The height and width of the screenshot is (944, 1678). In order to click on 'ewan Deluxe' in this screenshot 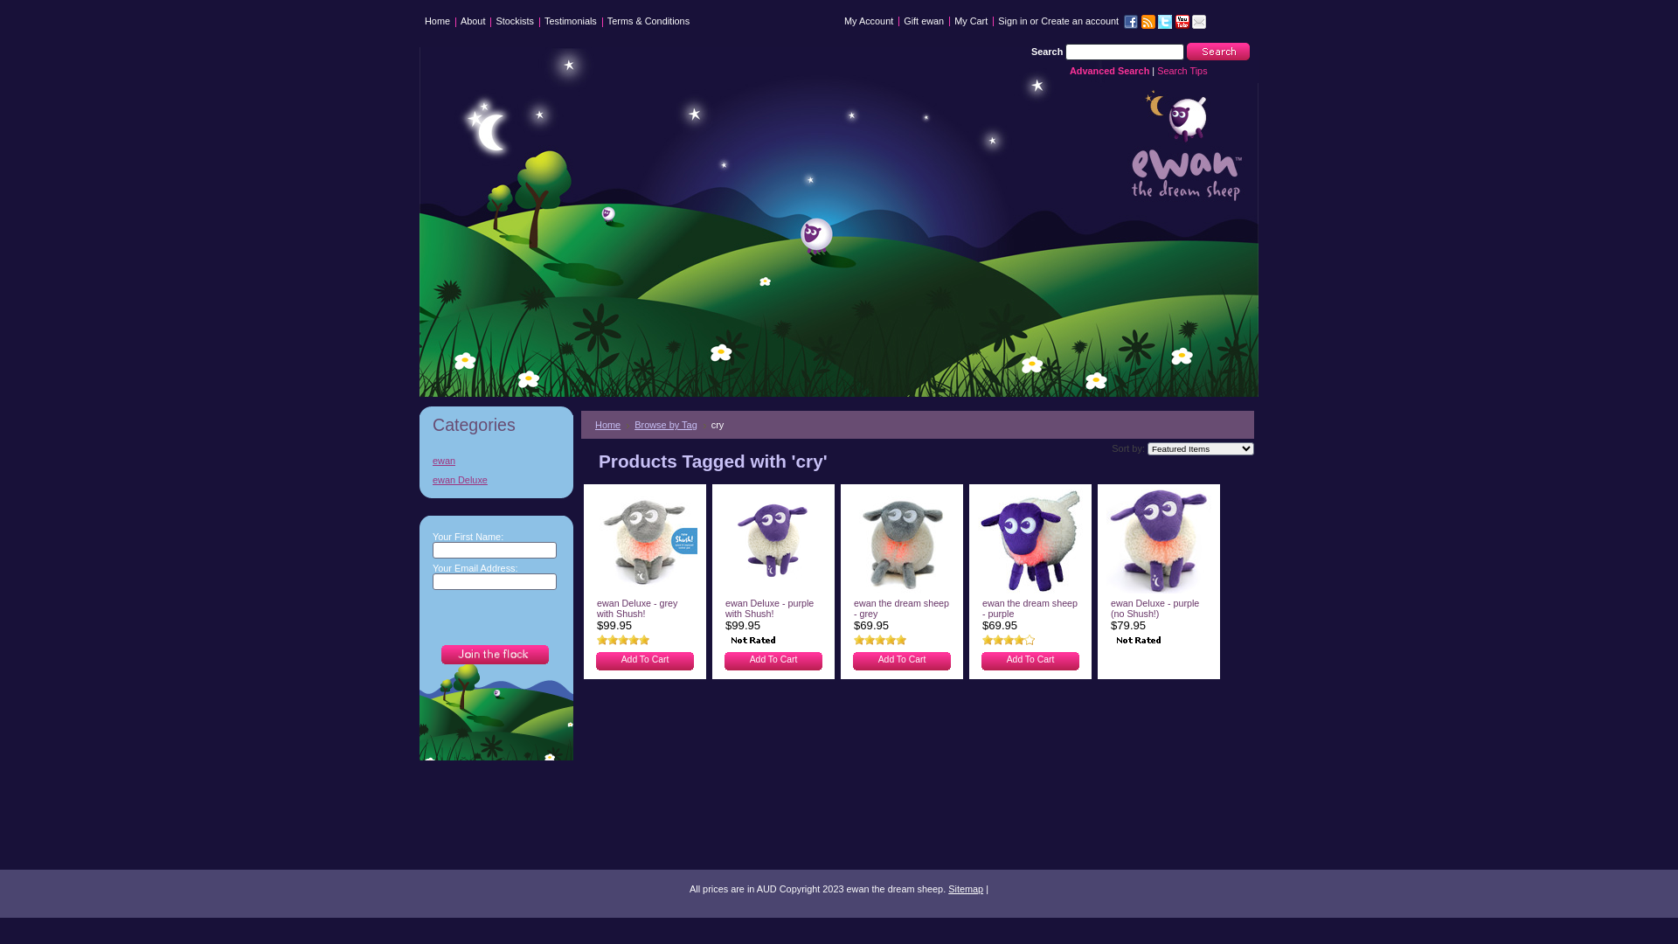, I will do `click(457, 479)`.